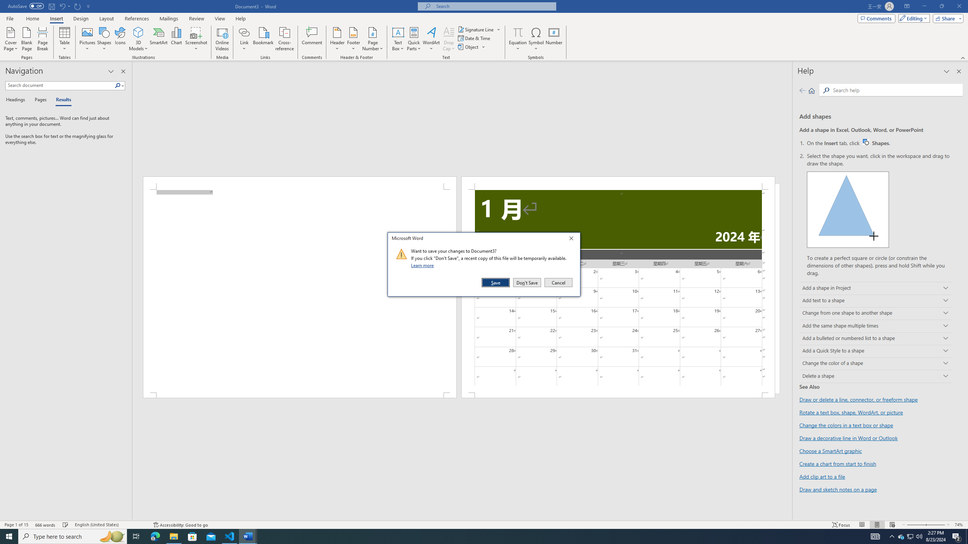 This screenshot has height=544, width=968. I want to click on 'Icons', so click(120, 39).